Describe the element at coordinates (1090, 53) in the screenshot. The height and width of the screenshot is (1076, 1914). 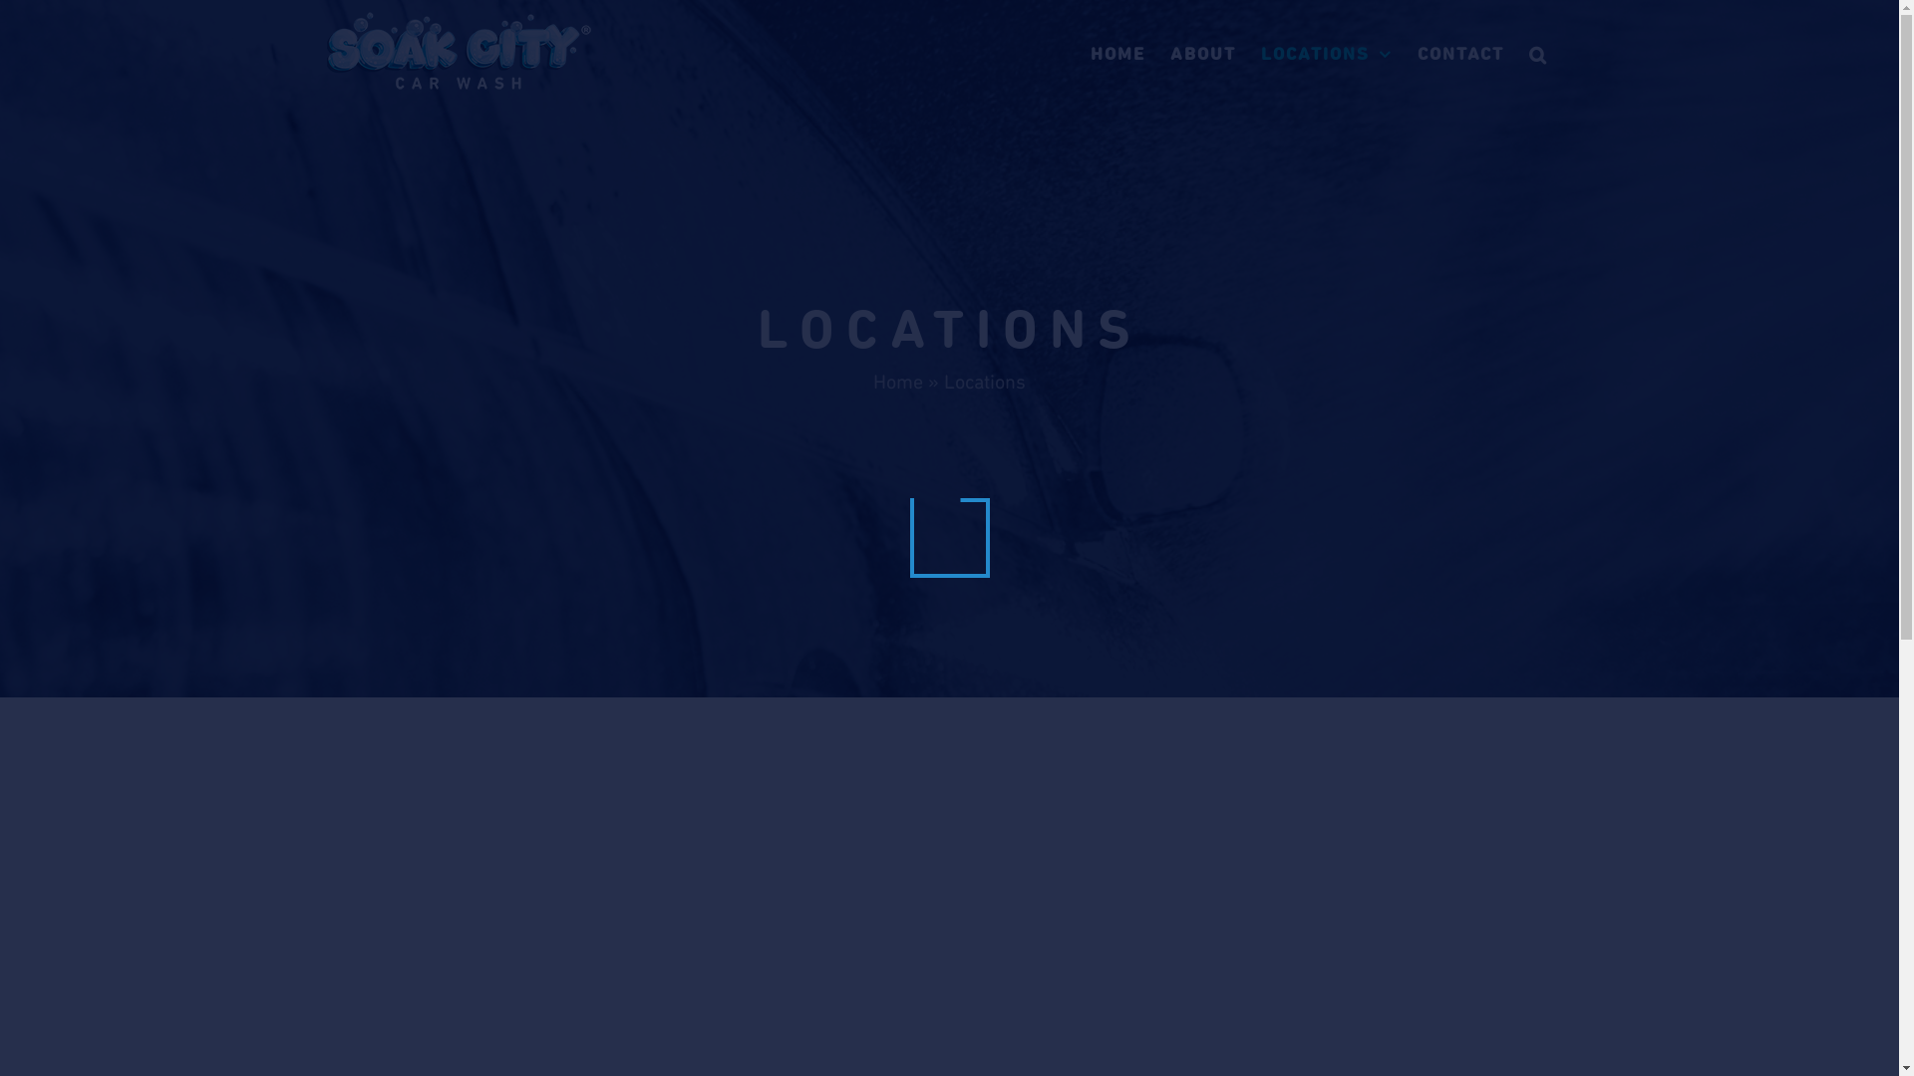
I see `'HOME'` at that location.